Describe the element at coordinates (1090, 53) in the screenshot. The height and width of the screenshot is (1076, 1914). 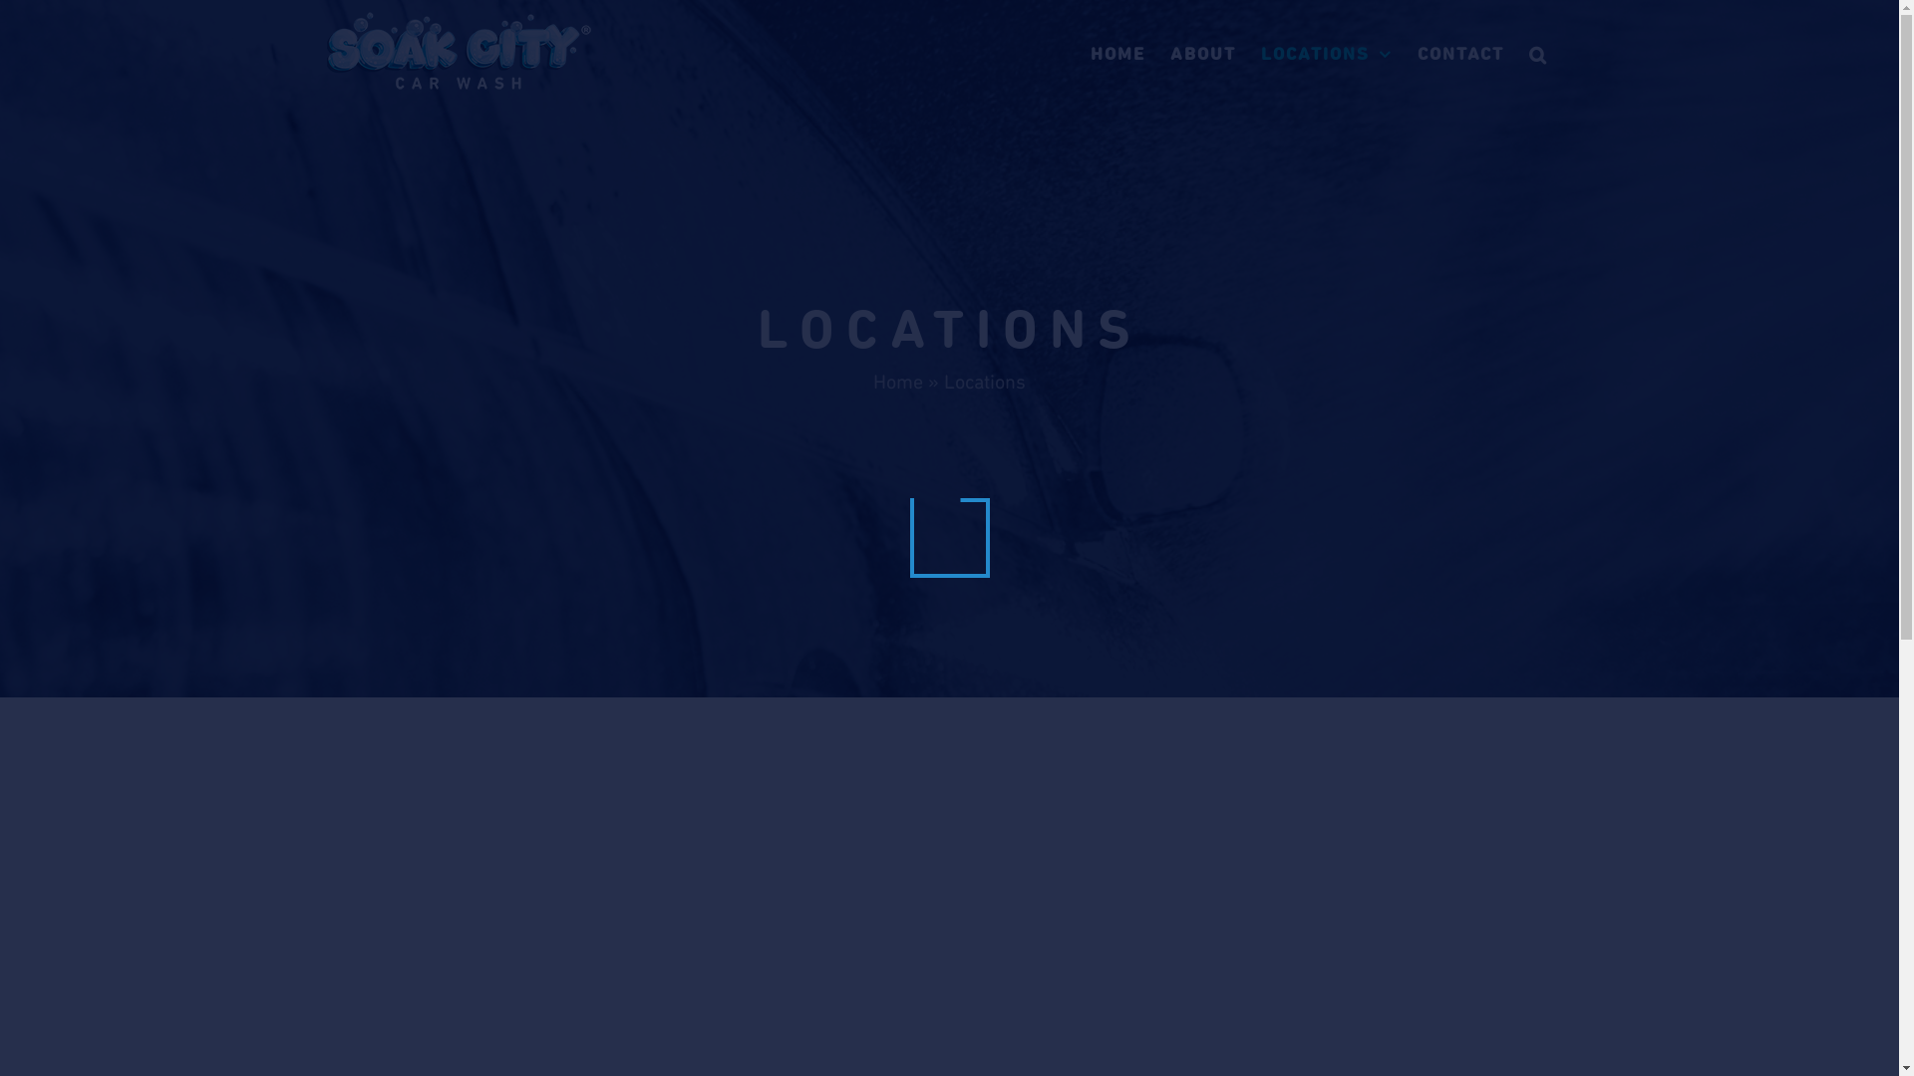
I see `'HOME'` at that location.